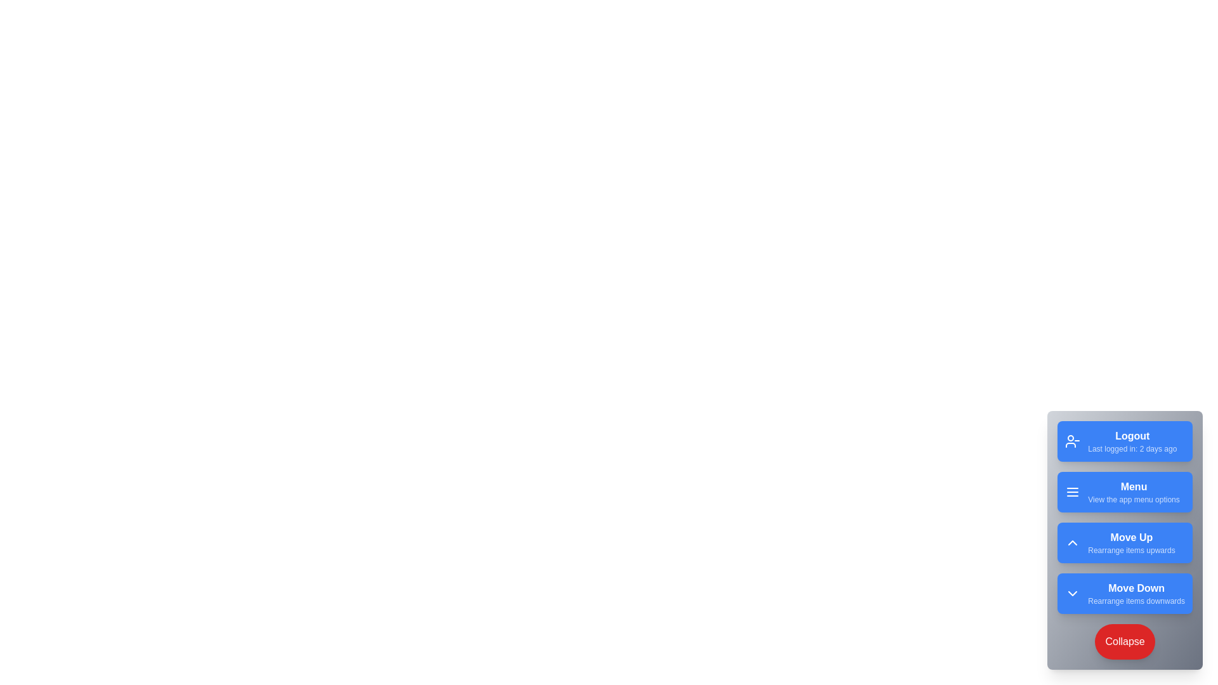  What do you see at coordinates (1125, 594) in the screenshot?
I see `the 'Move Down' button, which is a rectangular button with a blue background and white text displaying the title 'Move Down' and a downward arrow icon` at bounding box center [1125, 594].